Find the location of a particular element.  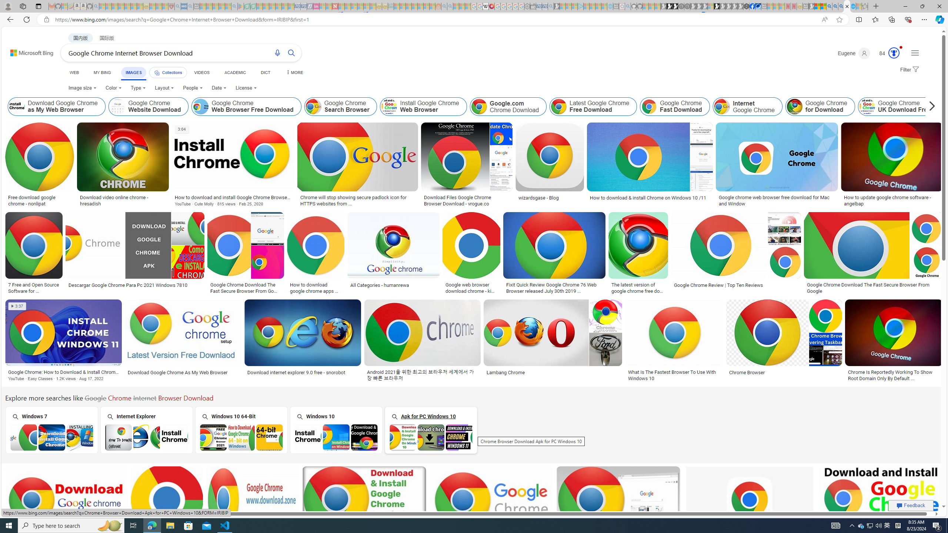

'Google Chrome Web Browser Free Download' is located at coordinates (246, 106).